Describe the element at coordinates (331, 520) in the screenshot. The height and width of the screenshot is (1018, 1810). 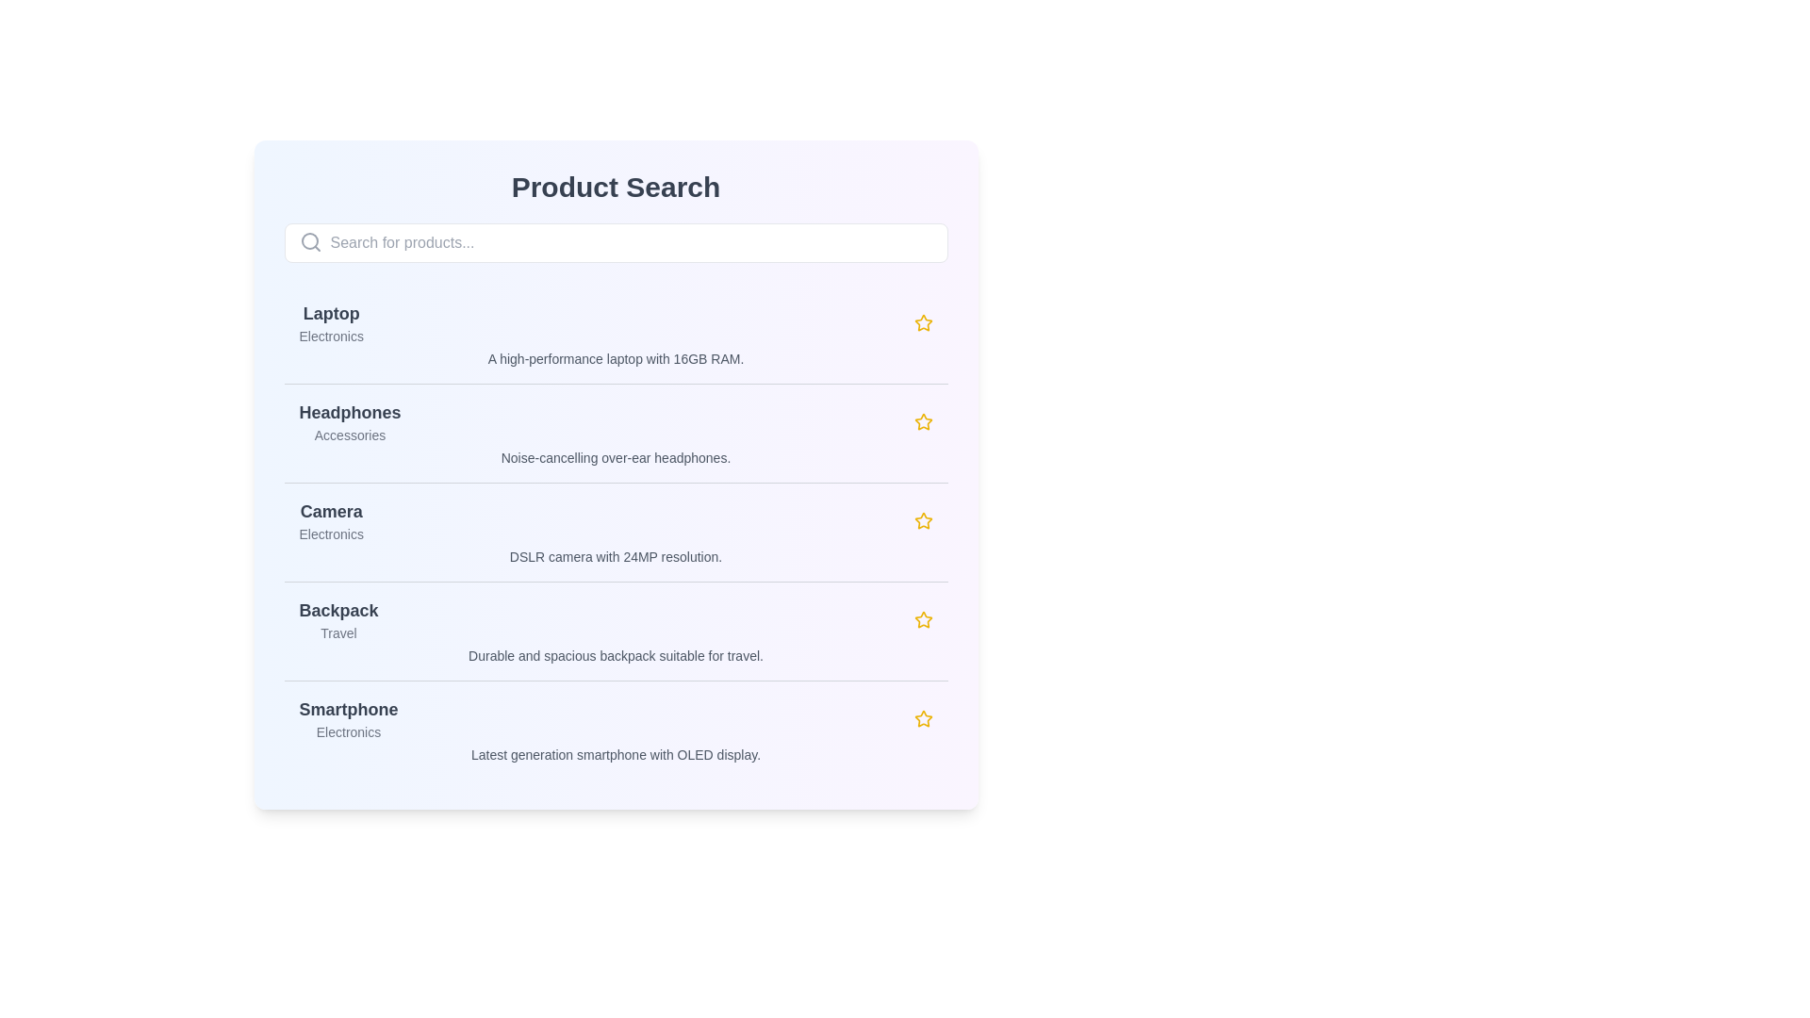
I see `the label titled 'Camera' which categorizes it under 'Electronics' in the list of items, specifically the third entry from the top, positioned between 'Headphones' and 'Backpack'` at that location.